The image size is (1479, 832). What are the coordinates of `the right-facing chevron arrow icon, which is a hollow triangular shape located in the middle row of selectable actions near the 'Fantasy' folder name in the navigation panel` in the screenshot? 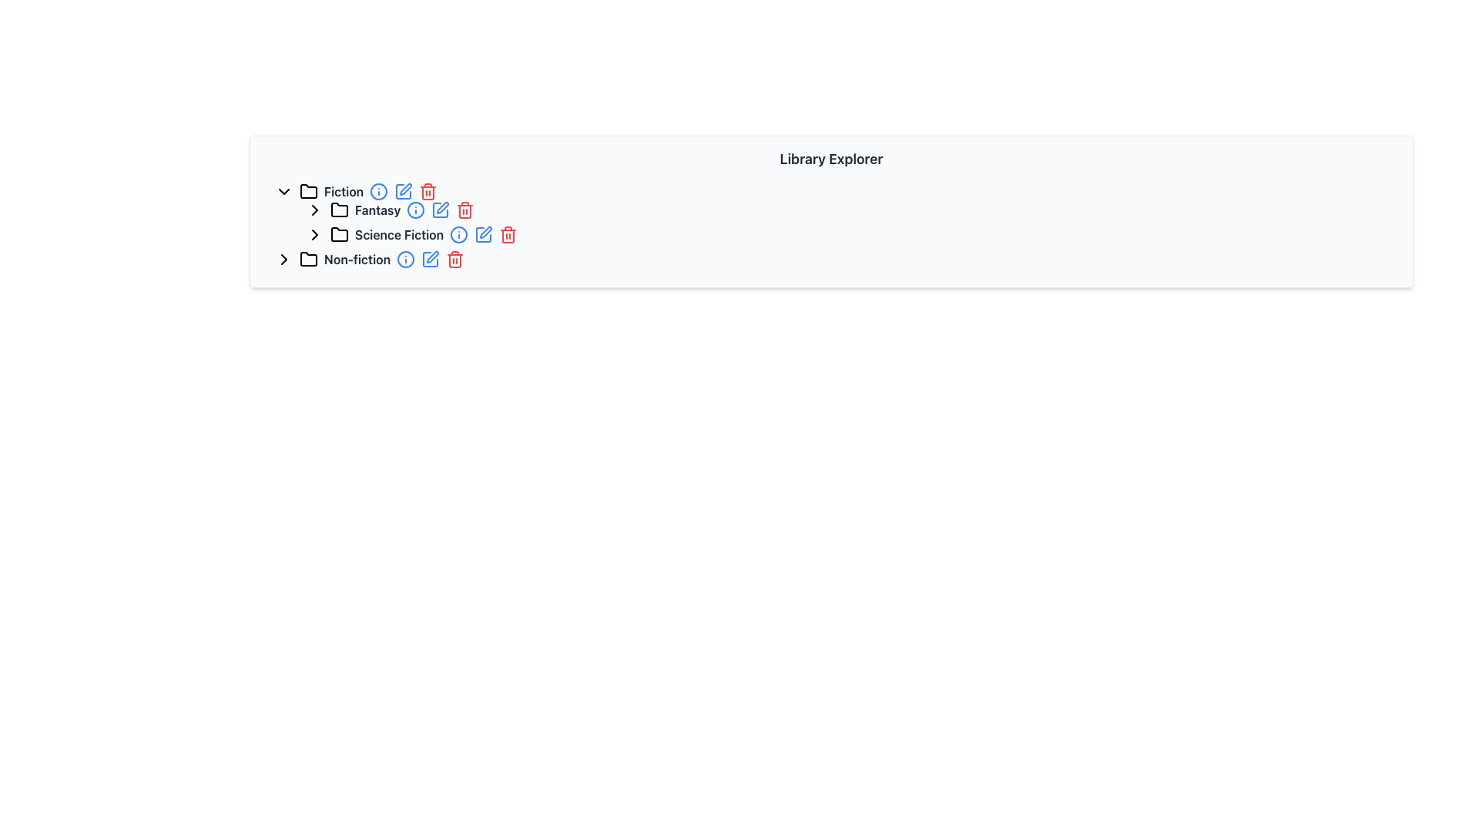 It's located at (314, 210).